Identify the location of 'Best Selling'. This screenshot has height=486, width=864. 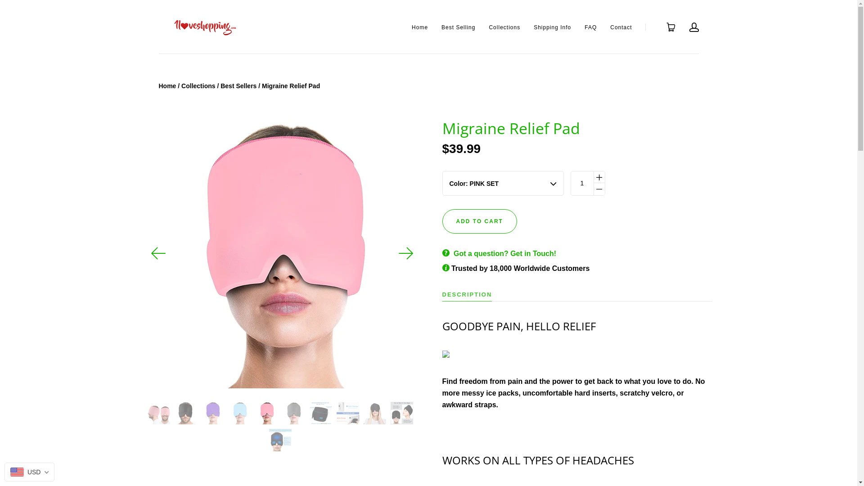
(441, 27).